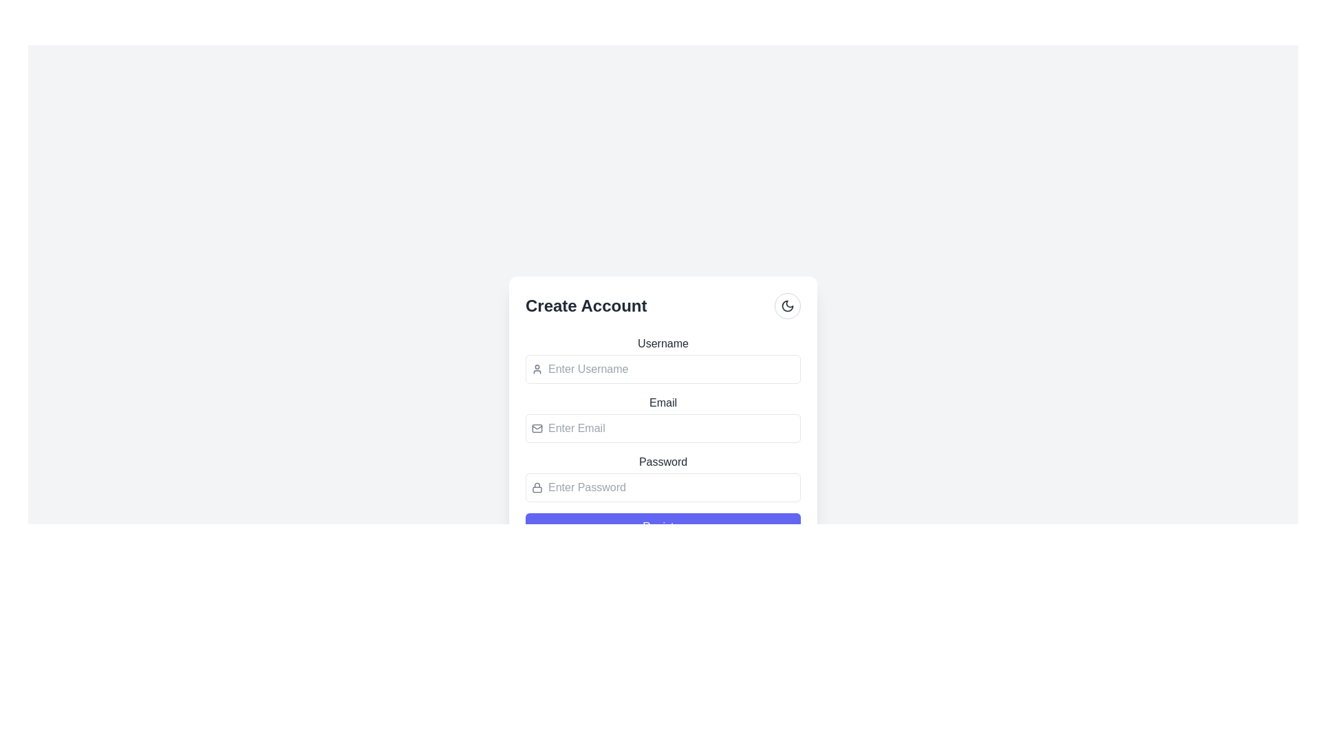 The image size is (1321, 743). I want to click on the 'Email' input field in the 'Create Account' form card, which is the second input field below the 'Username' input and above the 'Password' input, so click(663, 416).